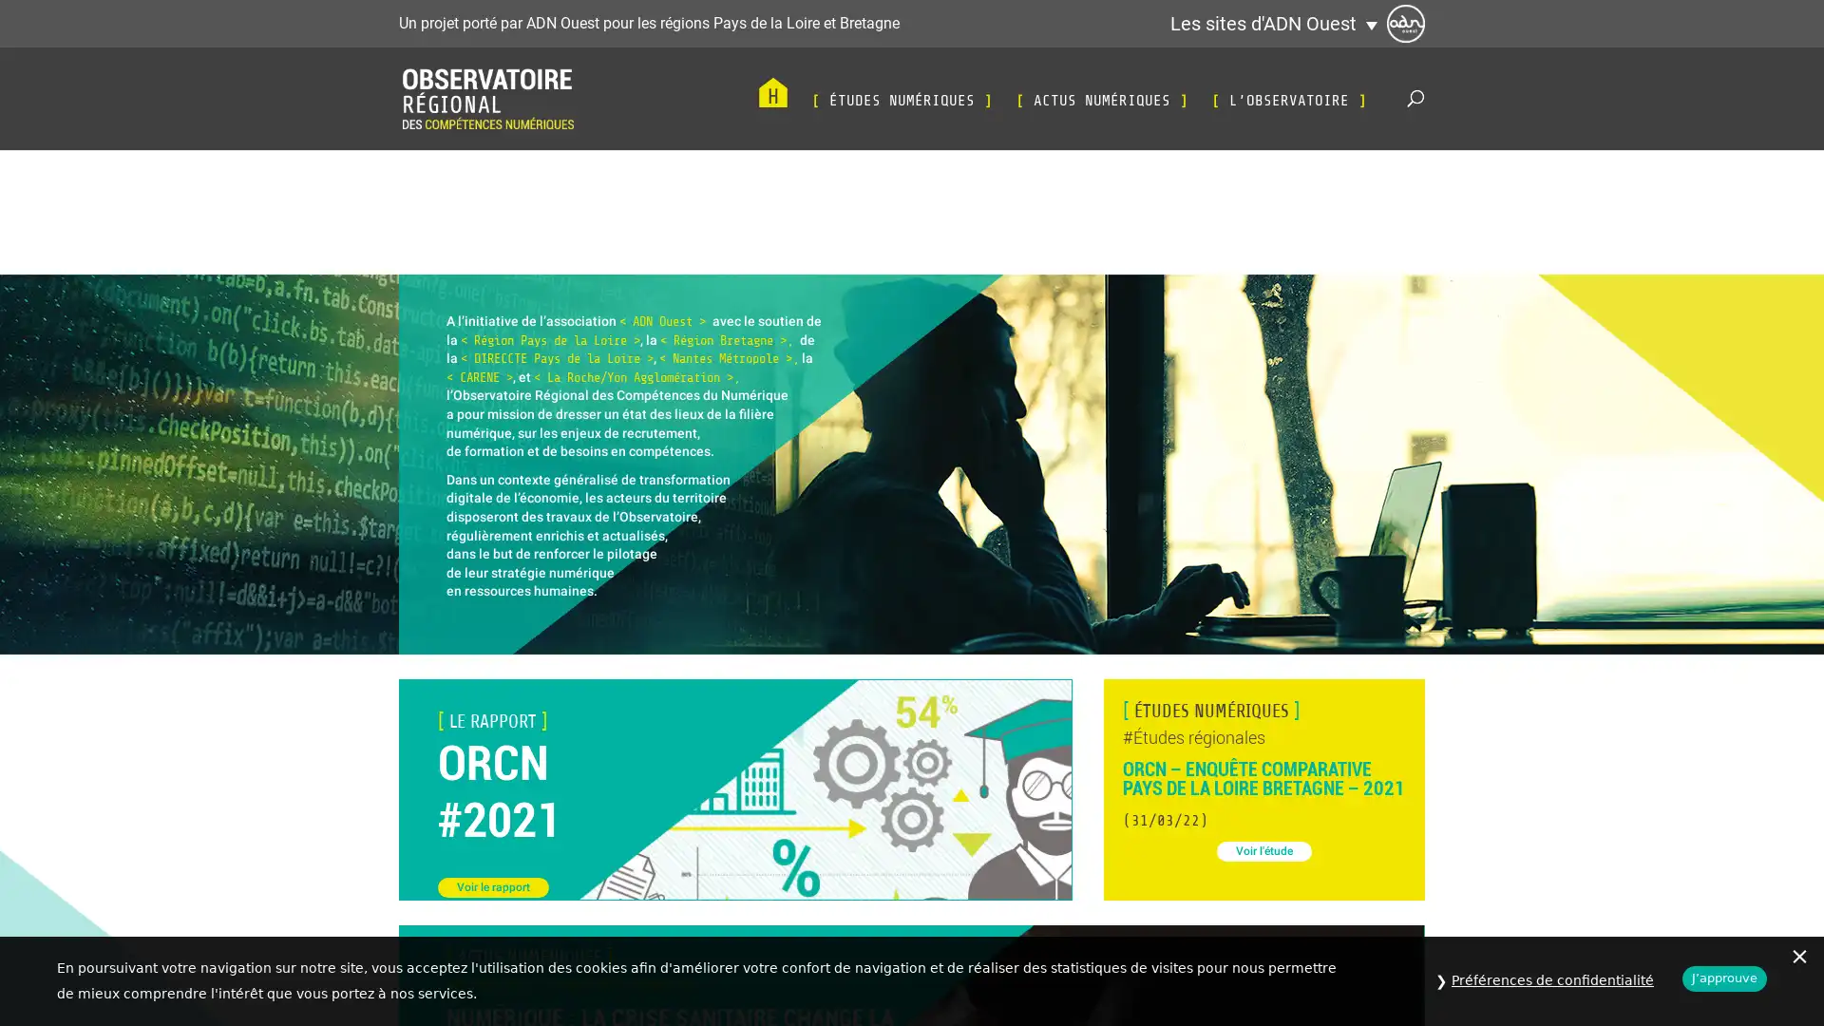 The height and width of the screenshot is (1026, 1824). Describe the element at coordinates (1724, 978) in the screenshot. I see `Japprouve` at that location.